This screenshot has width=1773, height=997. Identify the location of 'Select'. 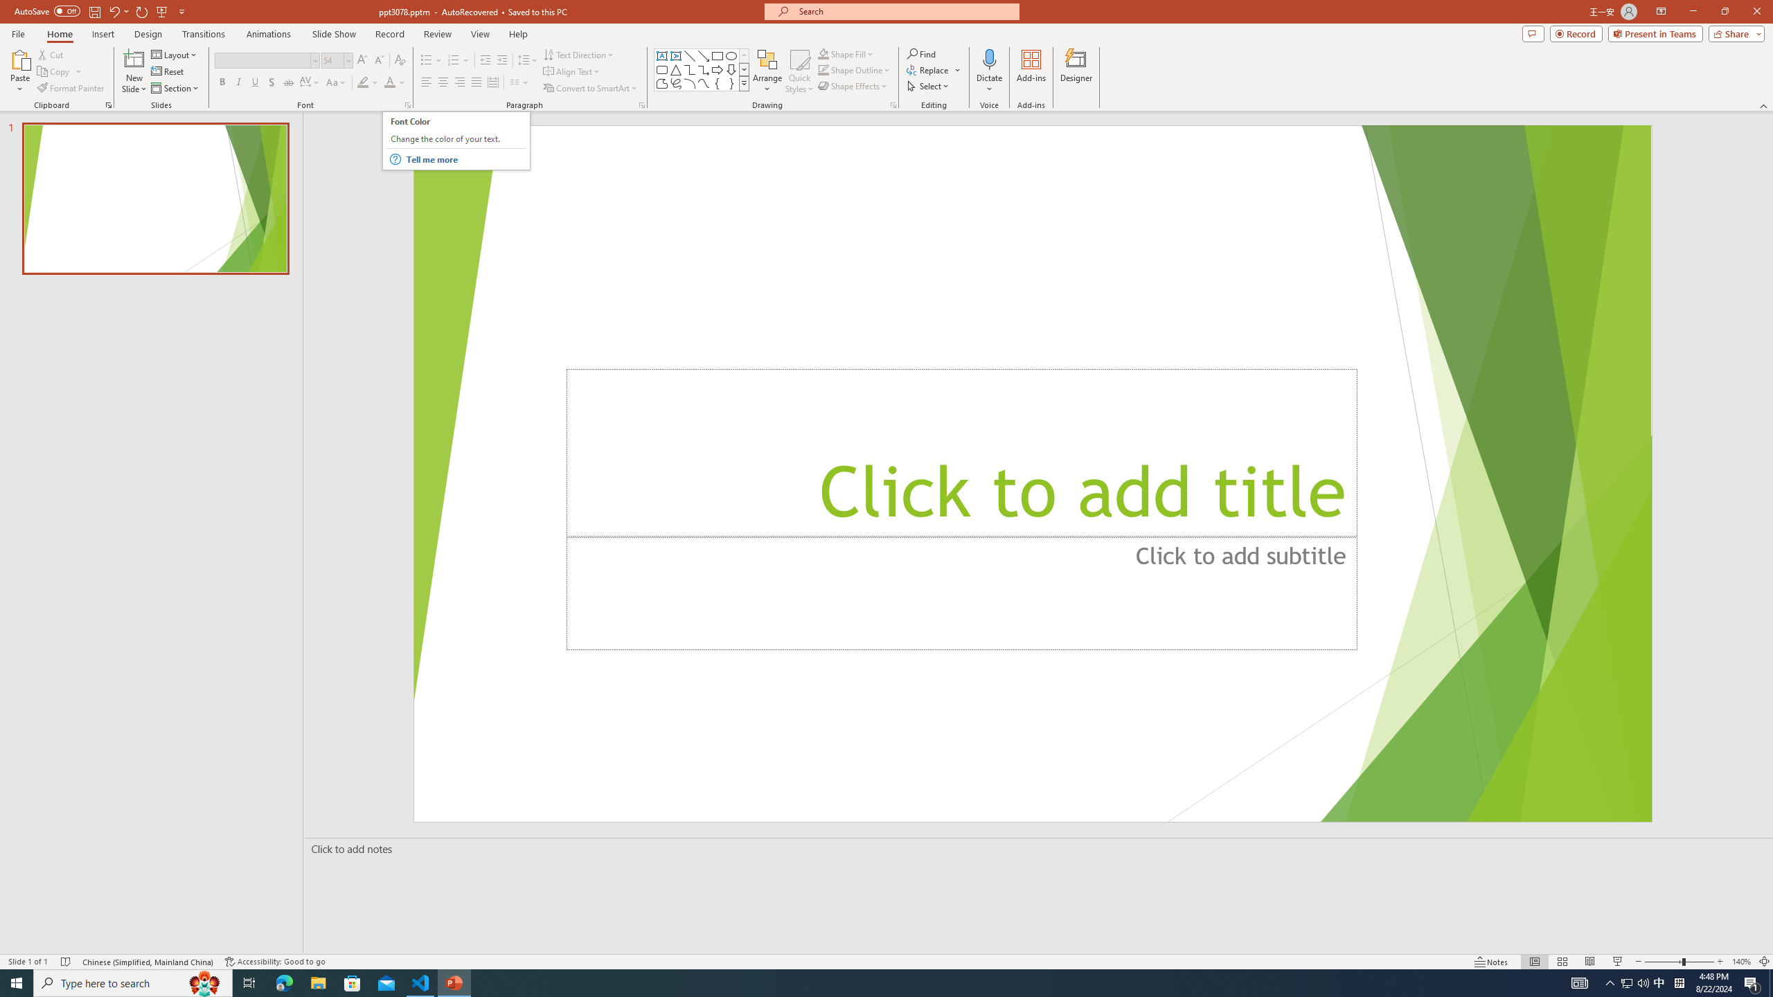
(929, 84).